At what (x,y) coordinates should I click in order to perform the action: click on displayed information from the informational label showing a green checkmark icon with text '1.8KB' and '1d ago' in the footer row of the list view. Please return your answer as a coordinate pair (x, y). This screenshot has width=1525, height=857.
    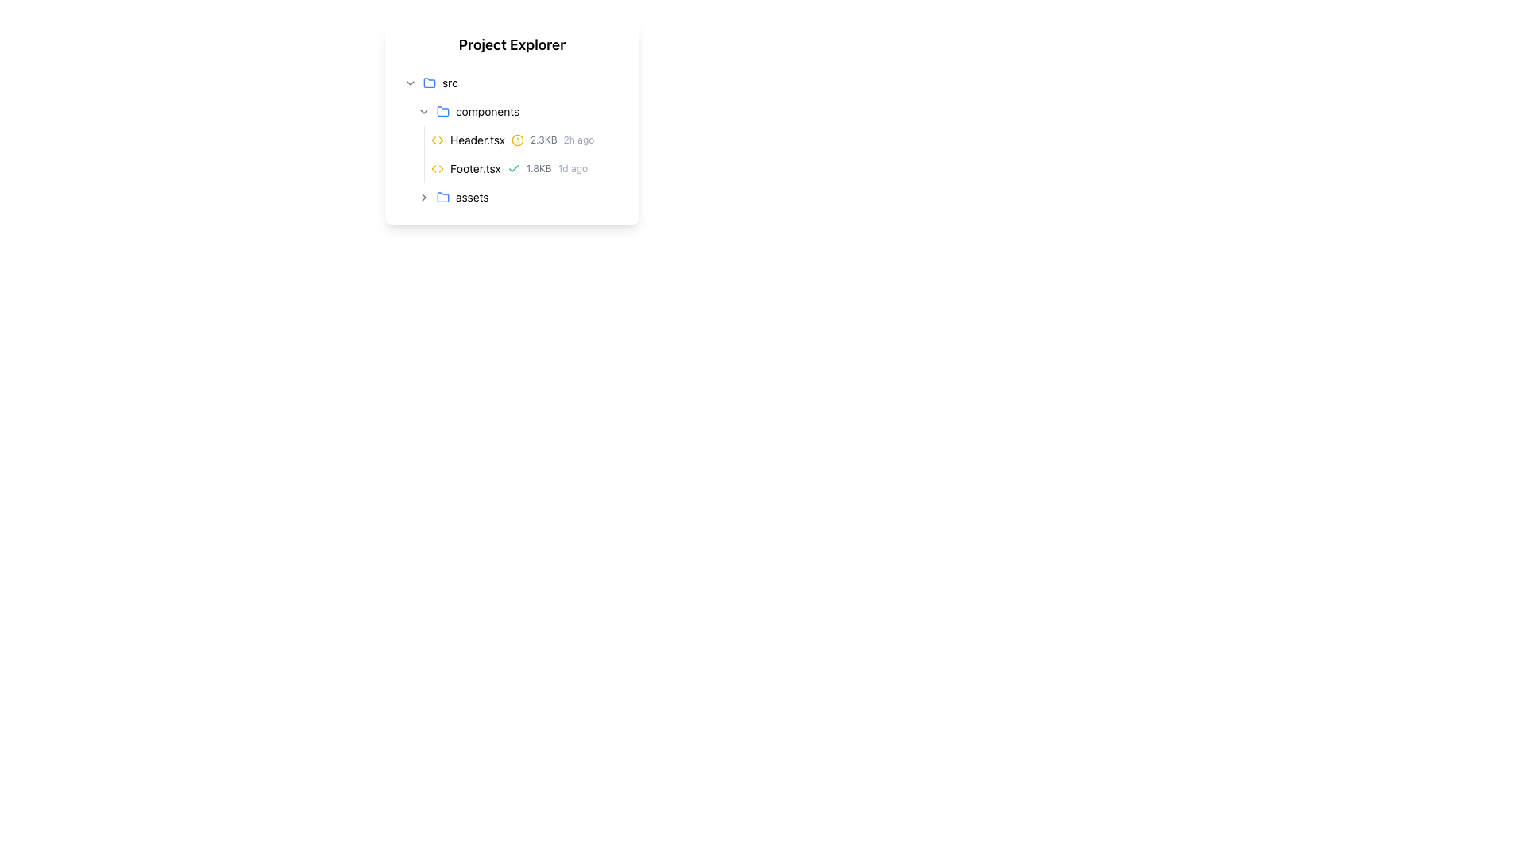
    Looking at the image, I should click on (547, 168).